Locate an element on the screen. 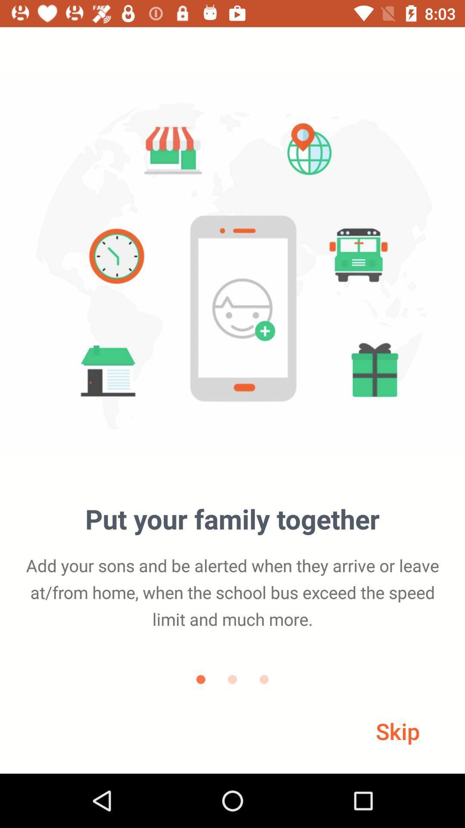 The image size is (465, 828). the skip item is located at coordinates (398, 731).